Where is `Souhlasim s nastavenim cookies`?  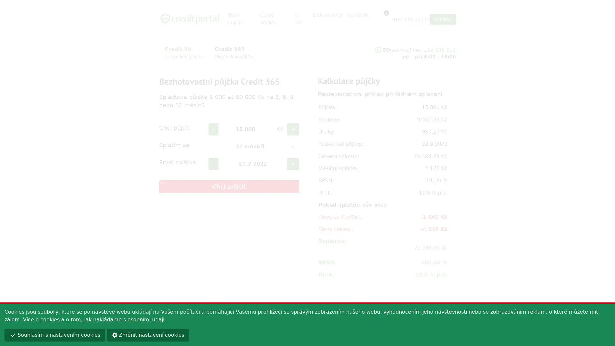
Souhlasim s nastavenim cookies is located at coordinates (55, 334).